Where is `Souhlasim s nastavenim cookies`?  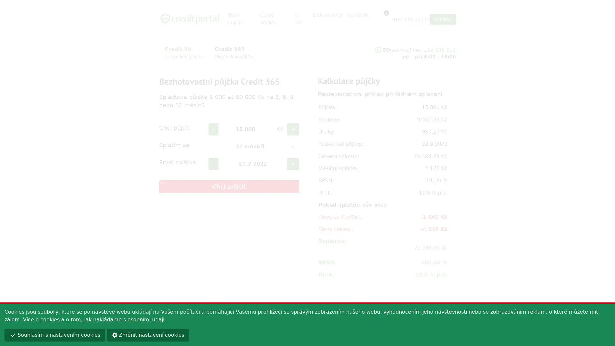
Souhlasim s nastavenim cookies is located at coordinates (55, 334).